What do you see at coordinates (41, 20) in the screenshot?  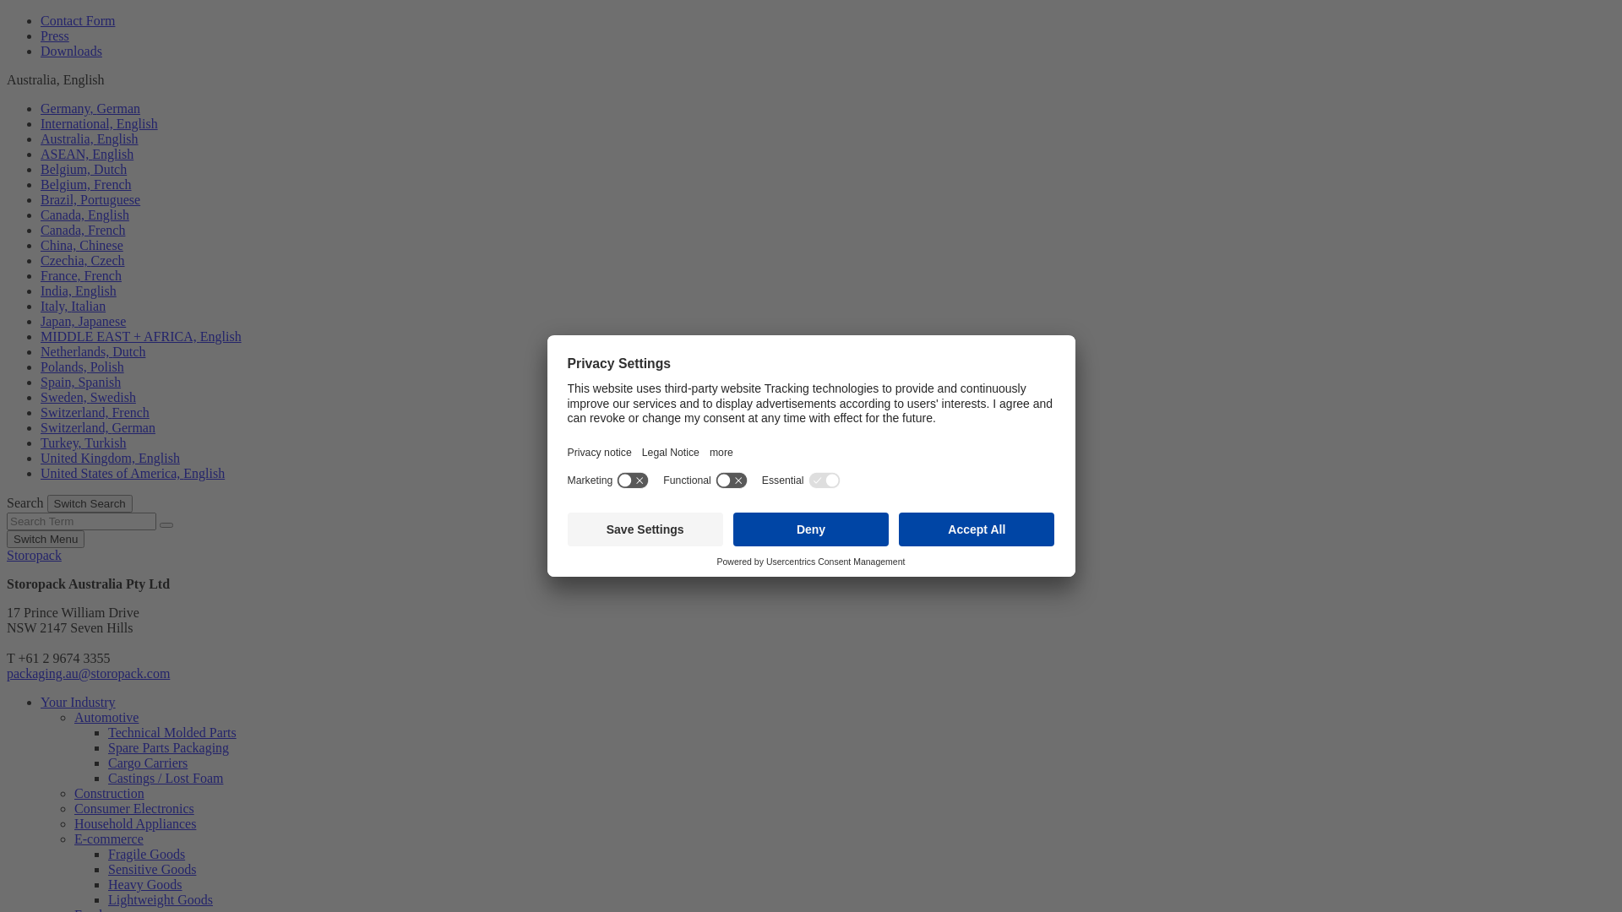 I see `'Contact Form'` at bounding box center [41, 20].